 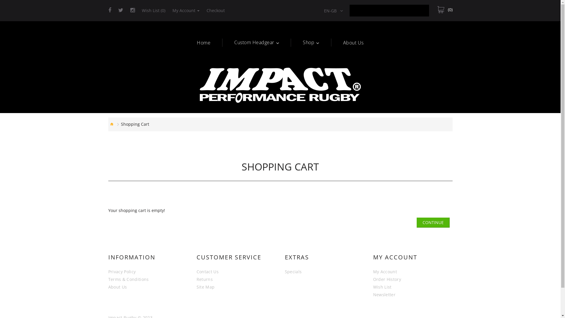 I want to click on 'Returns', so click(x=205, y=279).